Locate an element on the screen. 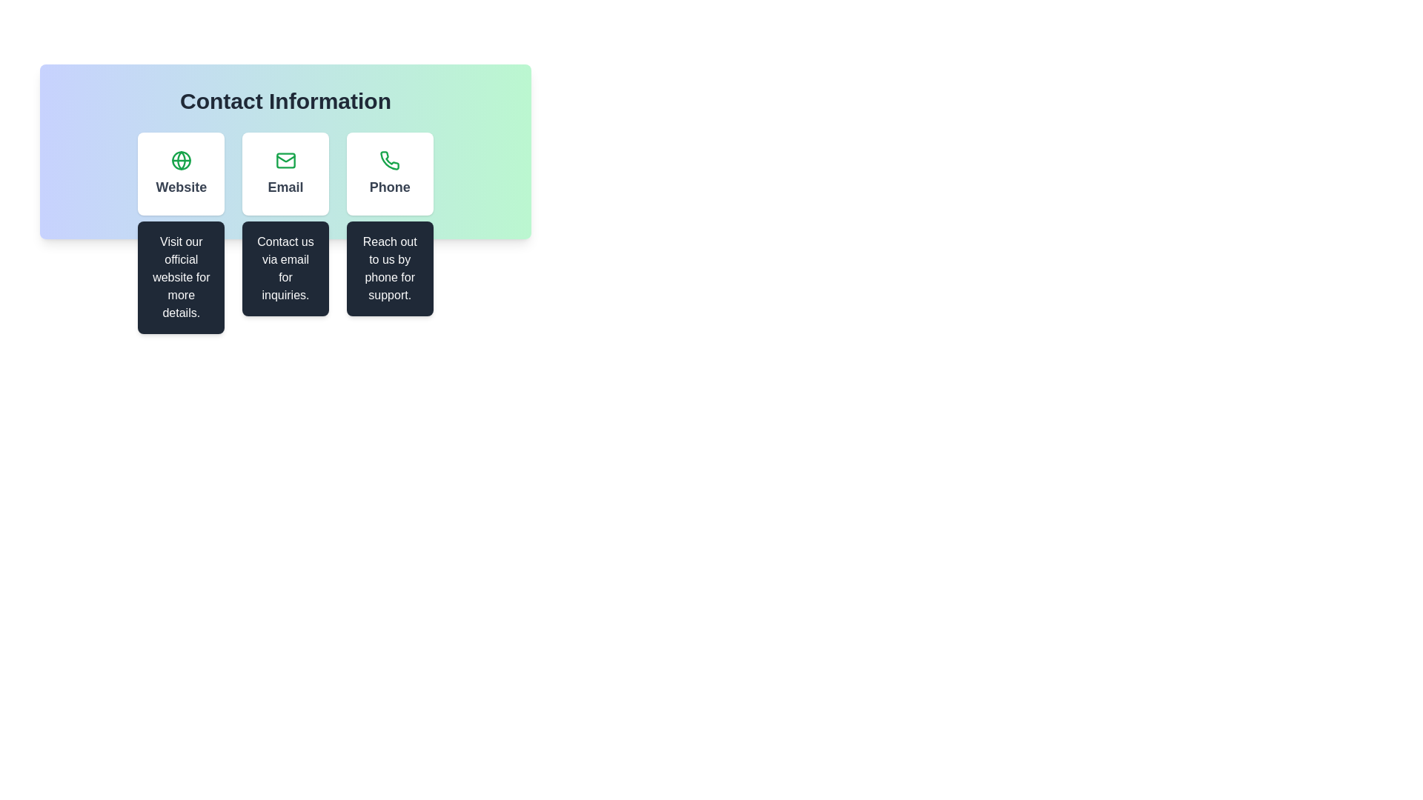 This screenshot has width=1423, height=800. the third Informational Card in the row under 'Contact Information', which provides details for contacting by phone is located at coordinates (390, 173).